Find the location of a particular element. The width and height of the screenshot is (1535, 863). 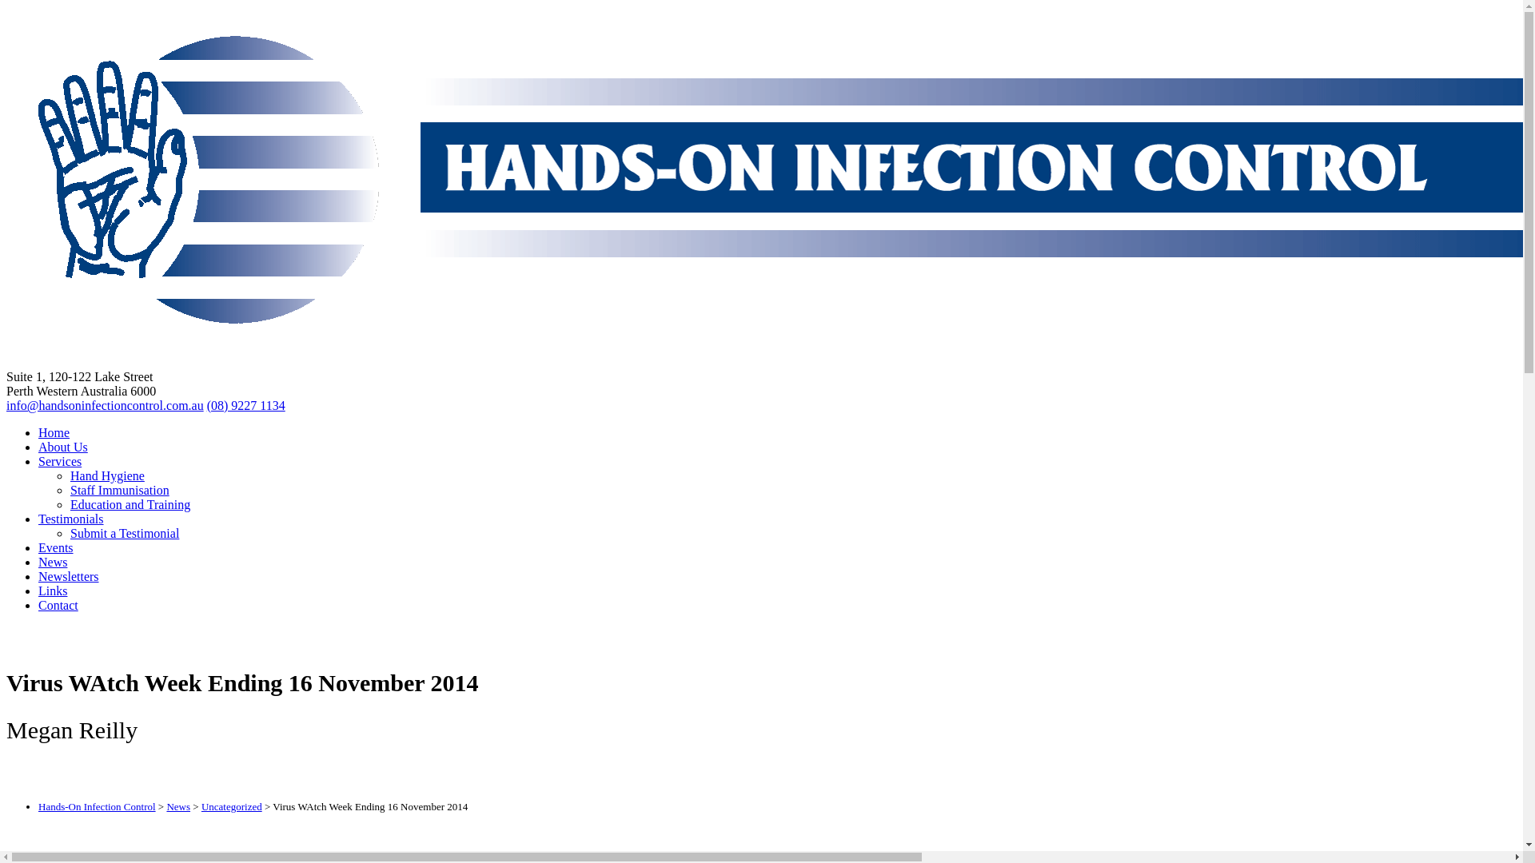

'Education and Training' is located at coordinates (130, 504).